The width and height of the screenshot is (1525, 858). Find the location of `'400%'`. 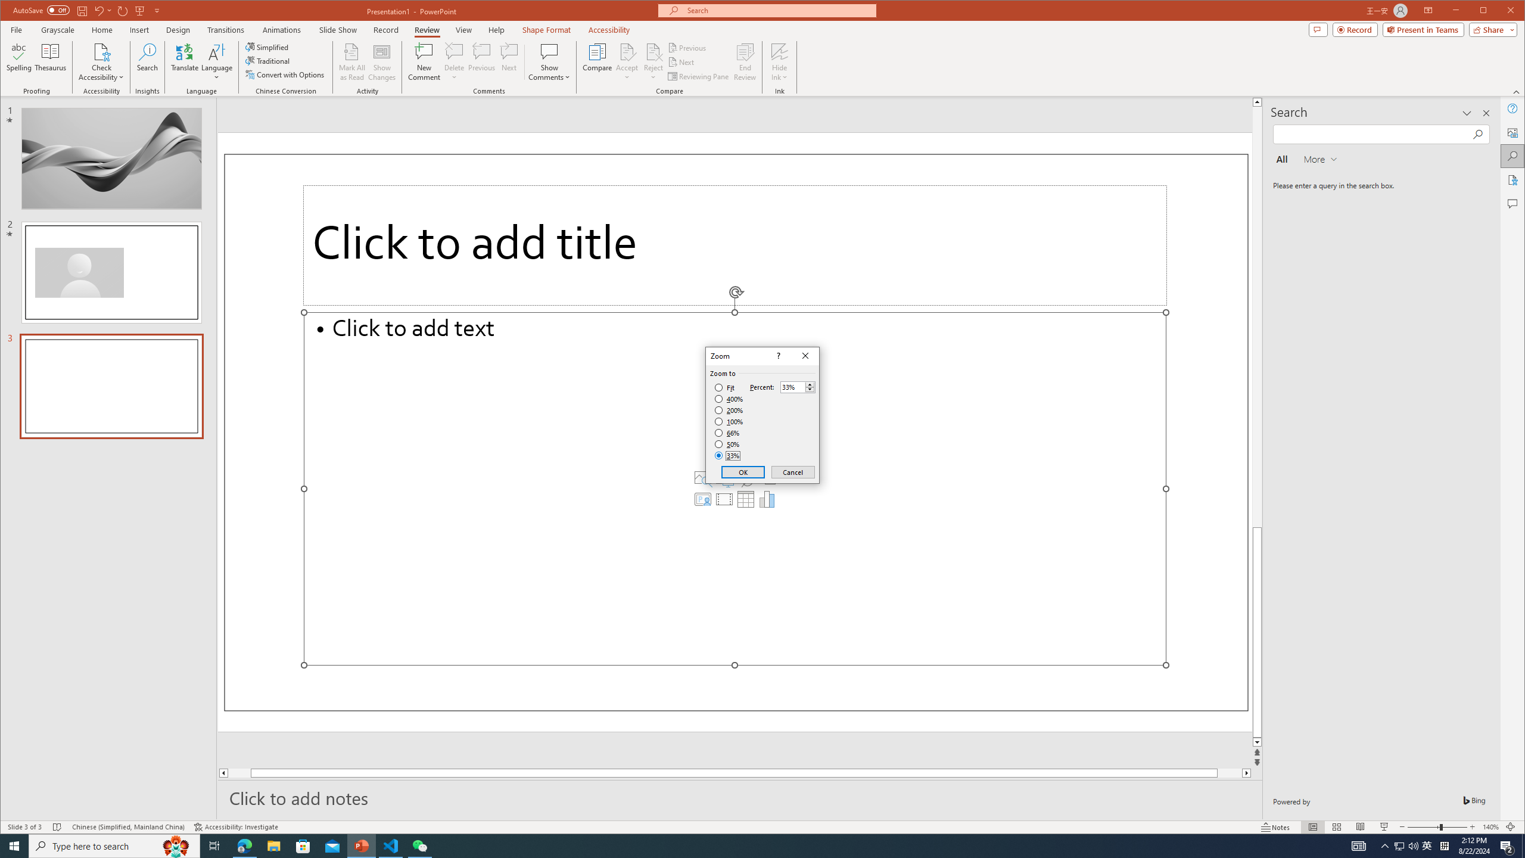

'400%' is located at coordinates (729, 399).